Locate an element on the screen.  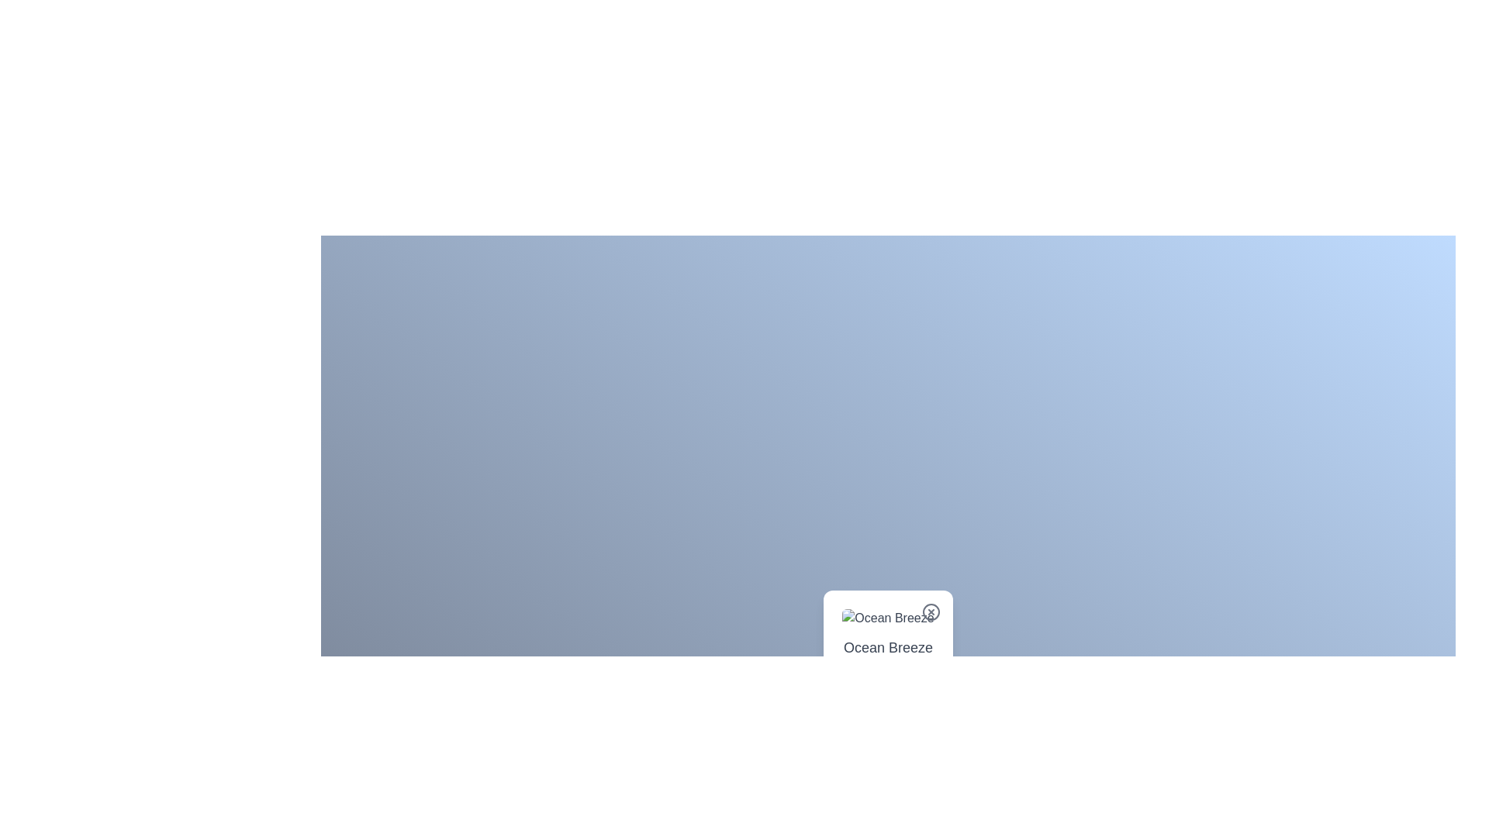
the surrounding card component that contains the Text Label, which is centered on a gradient background and located below the image in the card layout is located at coordinates (888, 654).